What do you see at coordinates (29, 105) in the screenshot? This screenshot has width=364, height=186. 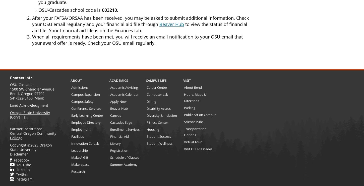 I see `'Land Acknowledgment'` at bounding box center [29, 105].